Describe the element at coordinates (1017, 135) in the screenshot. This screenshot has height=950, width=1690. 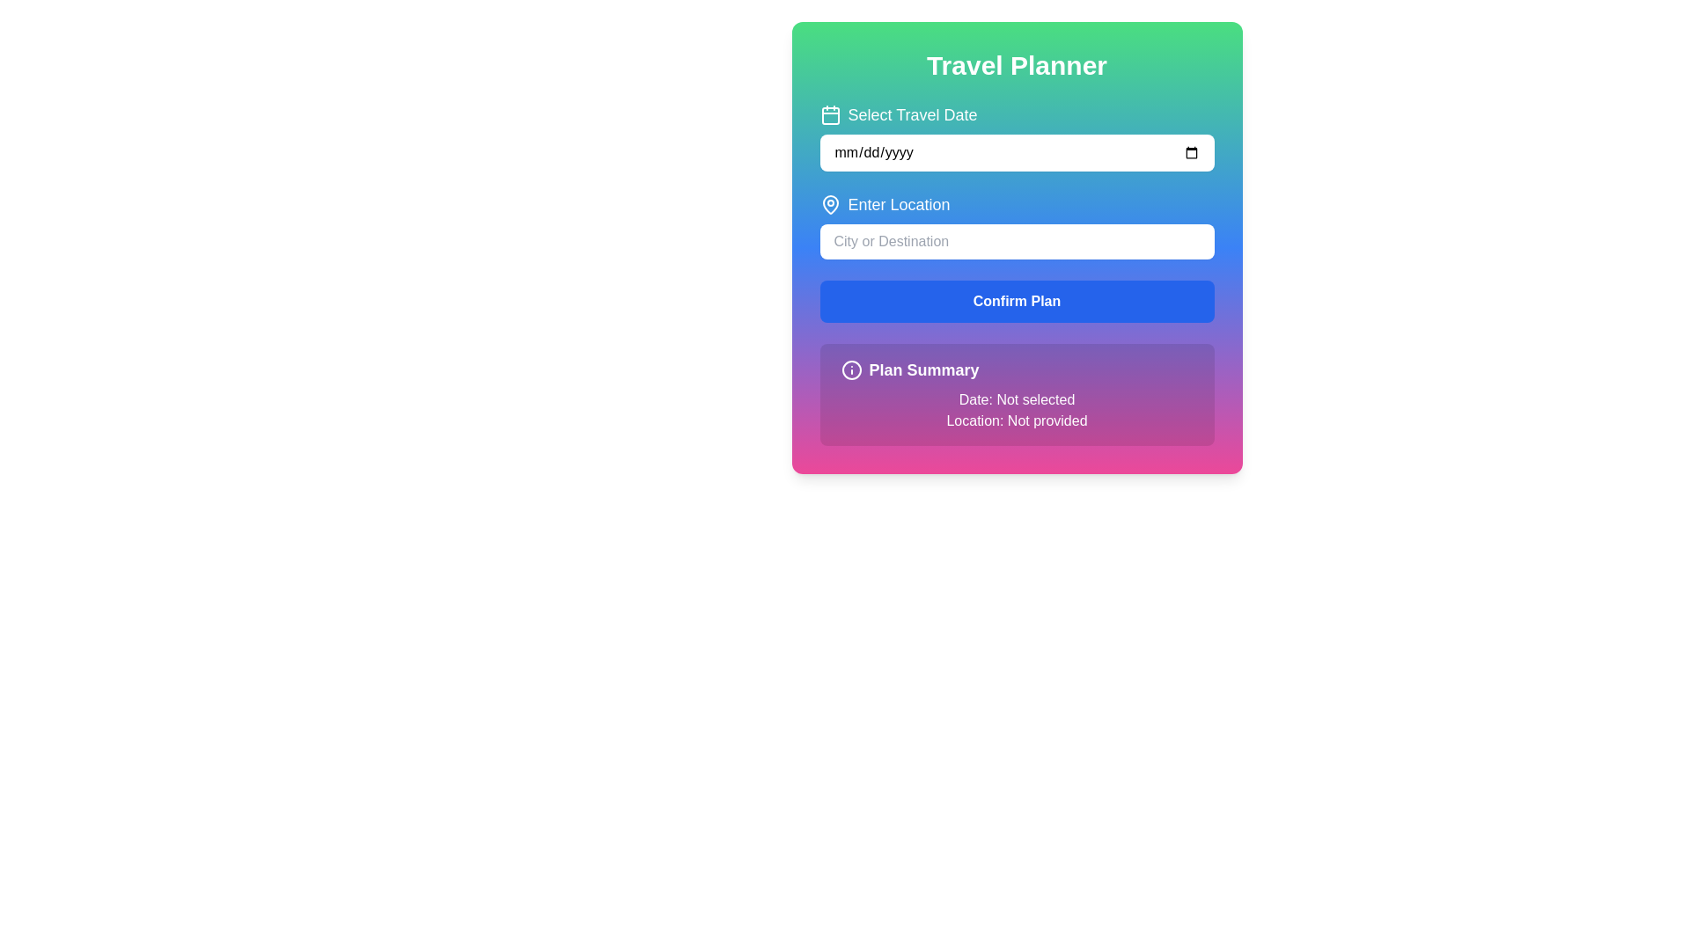
I see `the calendar icon next to the 'Select Travel Date' input field` at that location.